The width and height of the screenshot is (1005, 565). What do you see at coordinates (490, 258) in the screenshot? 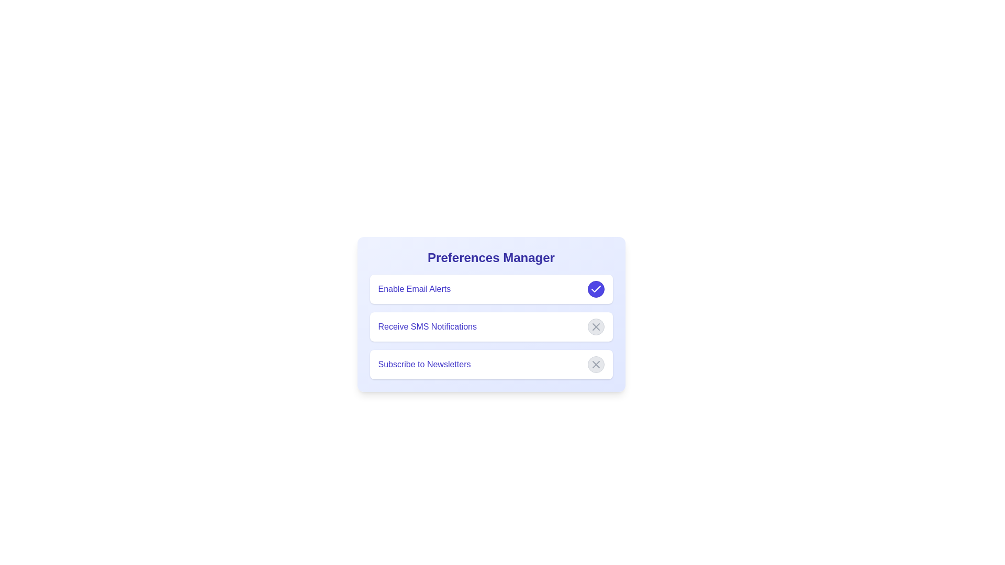
I see `text label 'Preferences Manager' which is styled in bold and large font, located at the top center of the preferences section` at bounding box center [490, 258].